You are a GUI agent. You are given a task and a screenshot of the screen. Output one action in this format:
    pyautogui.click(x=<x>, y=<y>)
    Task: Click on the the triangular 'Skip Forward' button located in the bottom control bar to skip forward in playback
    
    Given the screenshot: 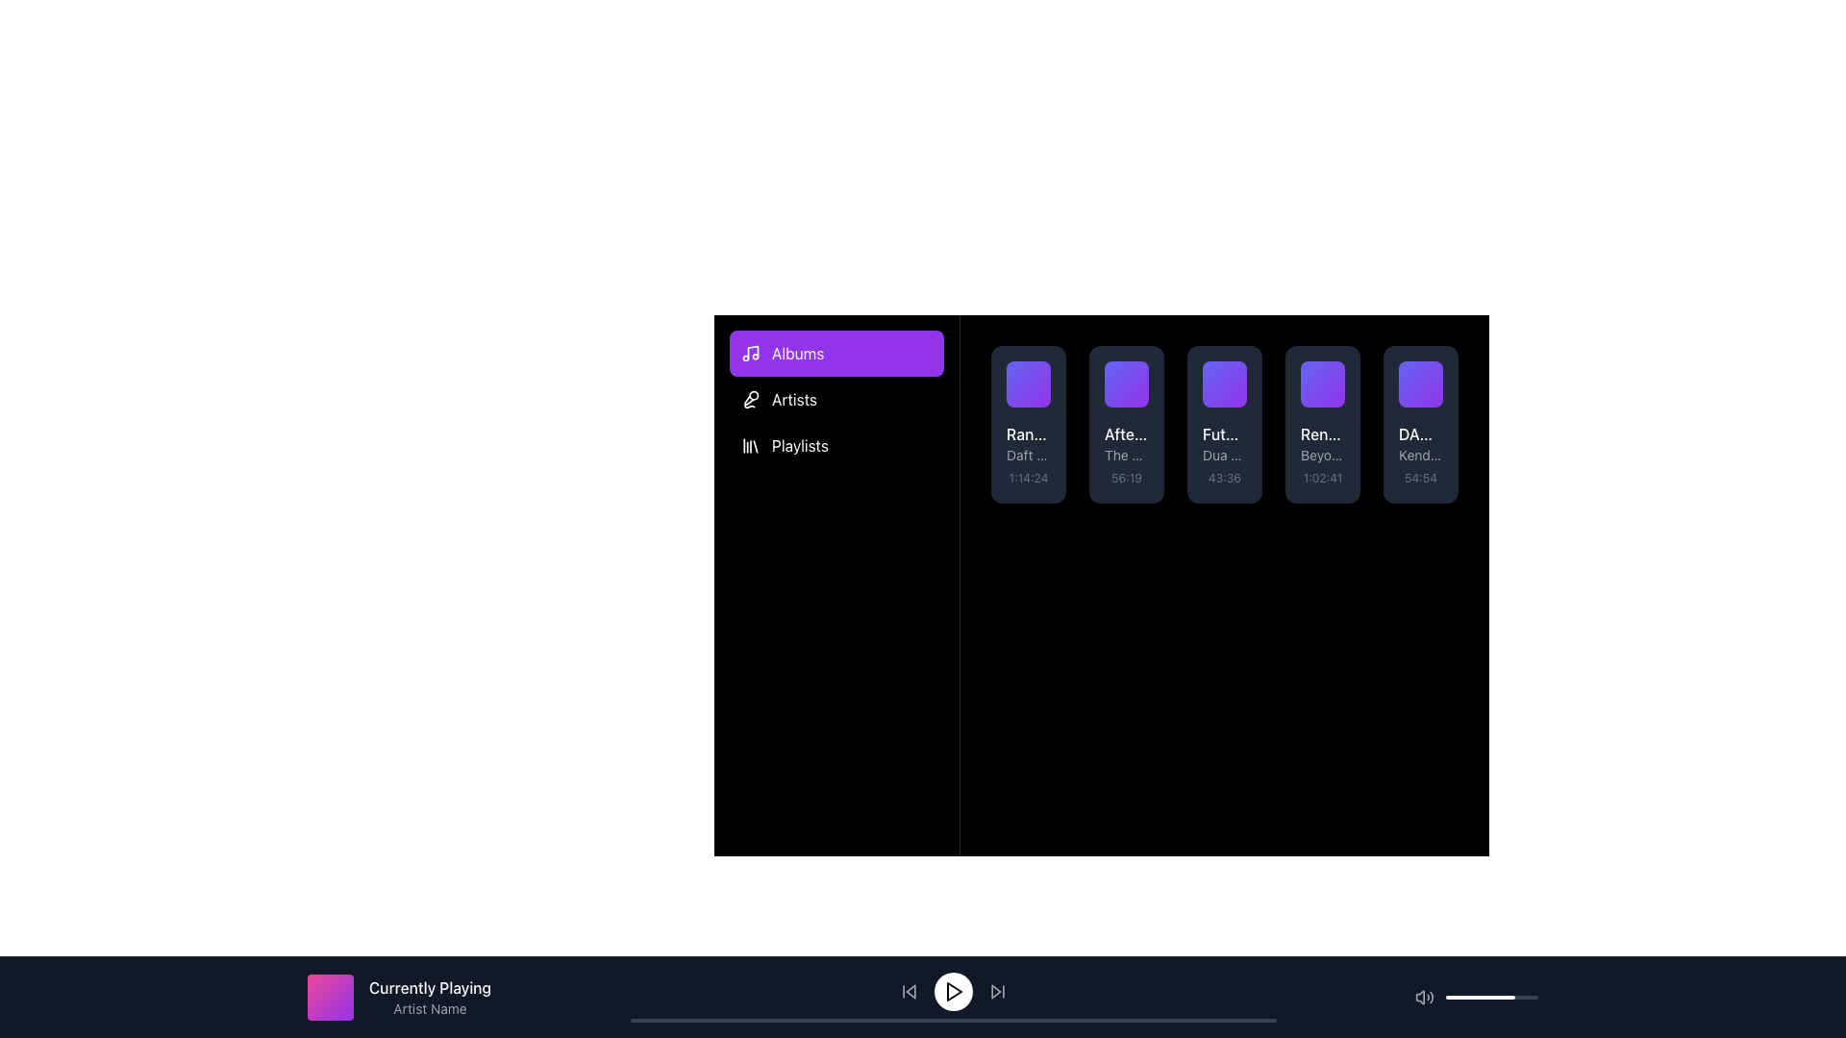 What is the action you would take?
    pyautogui.click(x=995, y=992)
    